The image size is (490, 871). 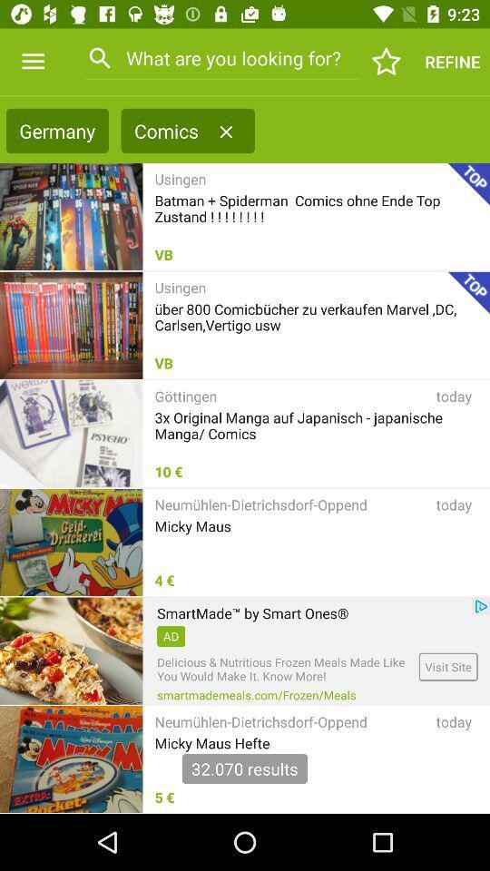 What do you see at coordinates (255, 694) in the screenshot?
I see `icon to the left of visit site` at bounding box center [255, 694].